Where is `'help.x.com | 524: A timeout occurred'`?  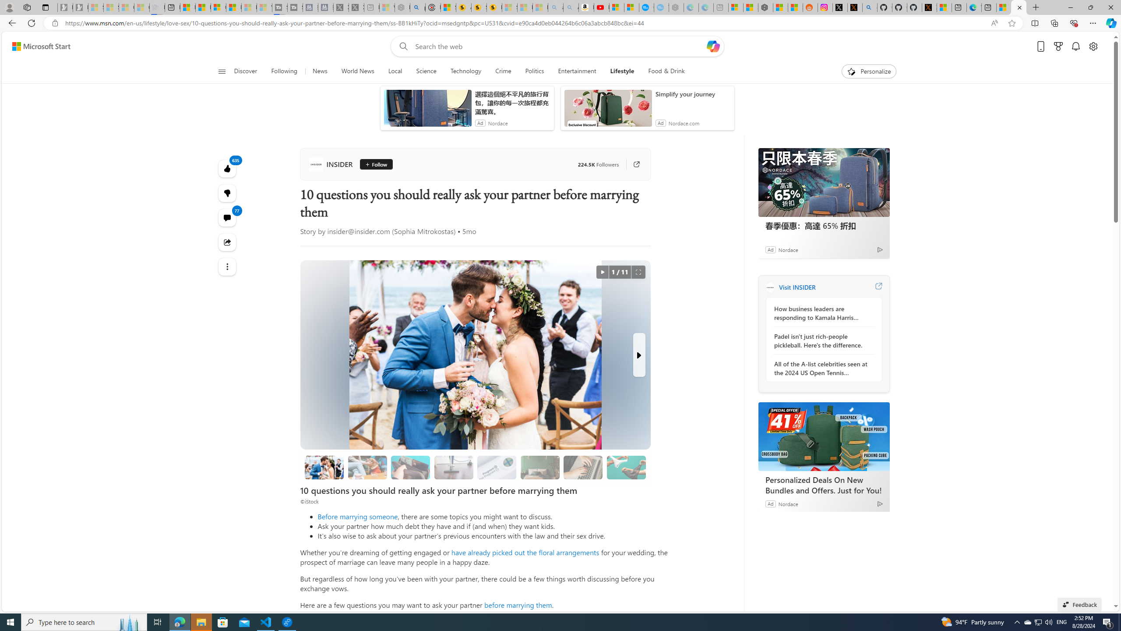
'help.x.com | 524: A timeout occurred' is located at coordinates (855, 7).